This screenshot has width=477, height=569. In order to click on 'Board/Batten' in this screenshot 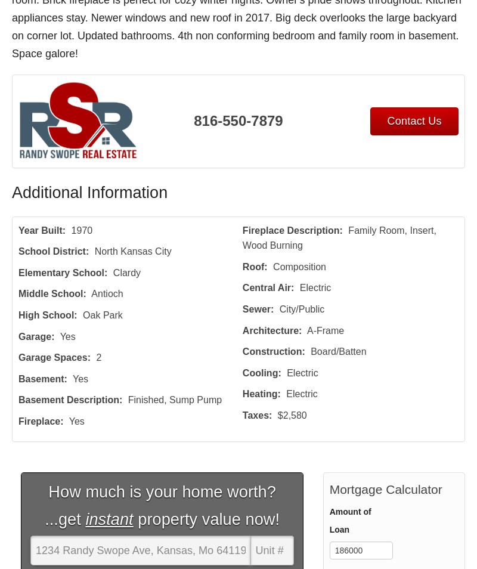, I will do `click(338, 351)`.